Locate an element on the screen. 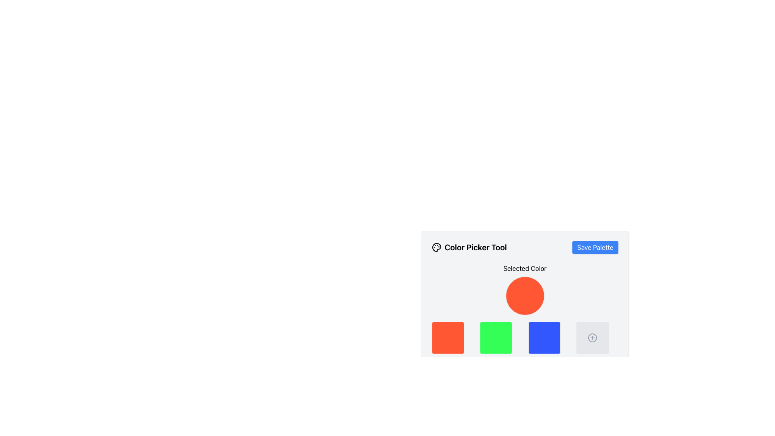 This screenshot has height=436, width=775. the Icon (Circle with Plus) located at the bottom-right corner of the color palette interface is located at coordinates (593, 338).